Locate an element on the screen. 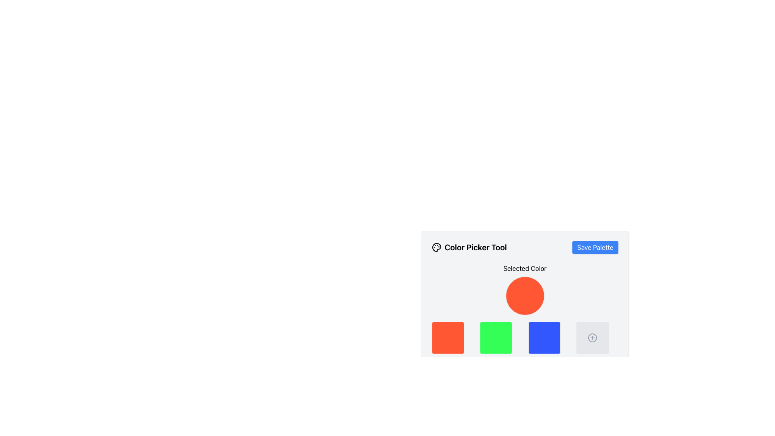 This screenshot has height=436, width=775. the Icon (Circle with Plus) located at the bottom-right corner of the color palette interface is located at coordinates (593, 338).